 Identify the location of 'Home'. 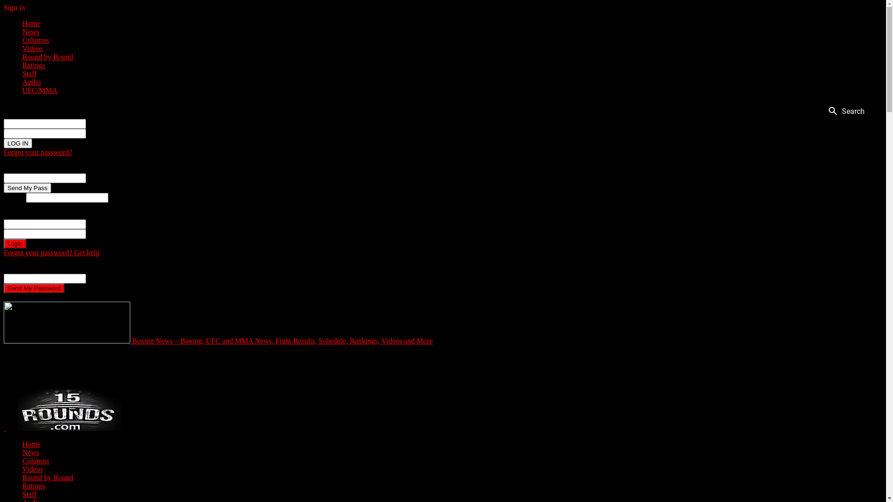
(31, 443).